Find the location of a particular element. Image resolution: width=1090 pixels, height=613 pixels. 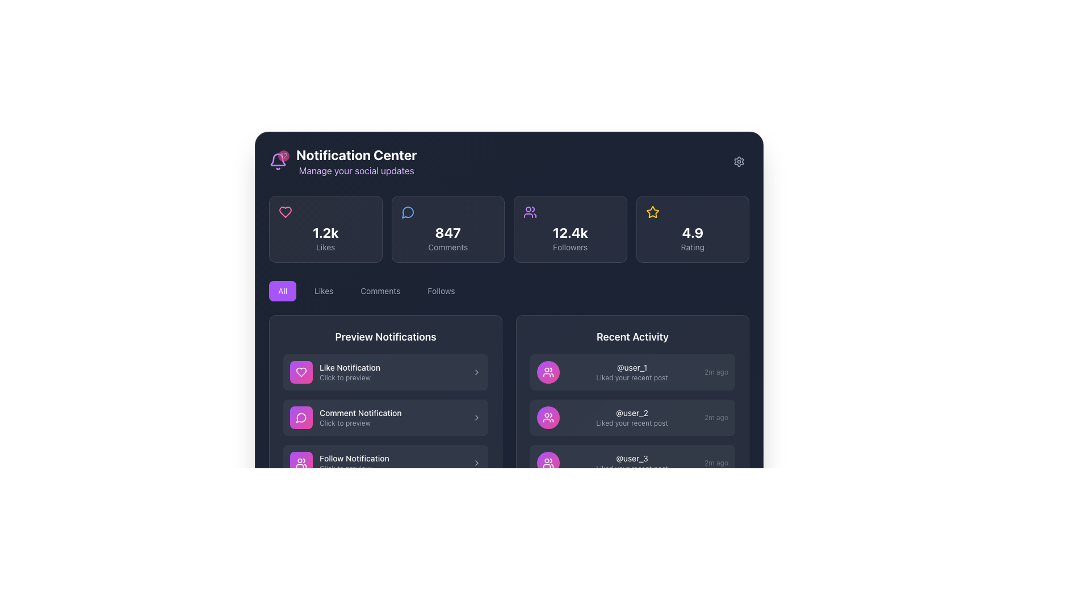

the main numerical value in the 'Followers' card, which is located in the top row of the four-card overview section, to monitor follower engagement is located at coordinates (570, 232).